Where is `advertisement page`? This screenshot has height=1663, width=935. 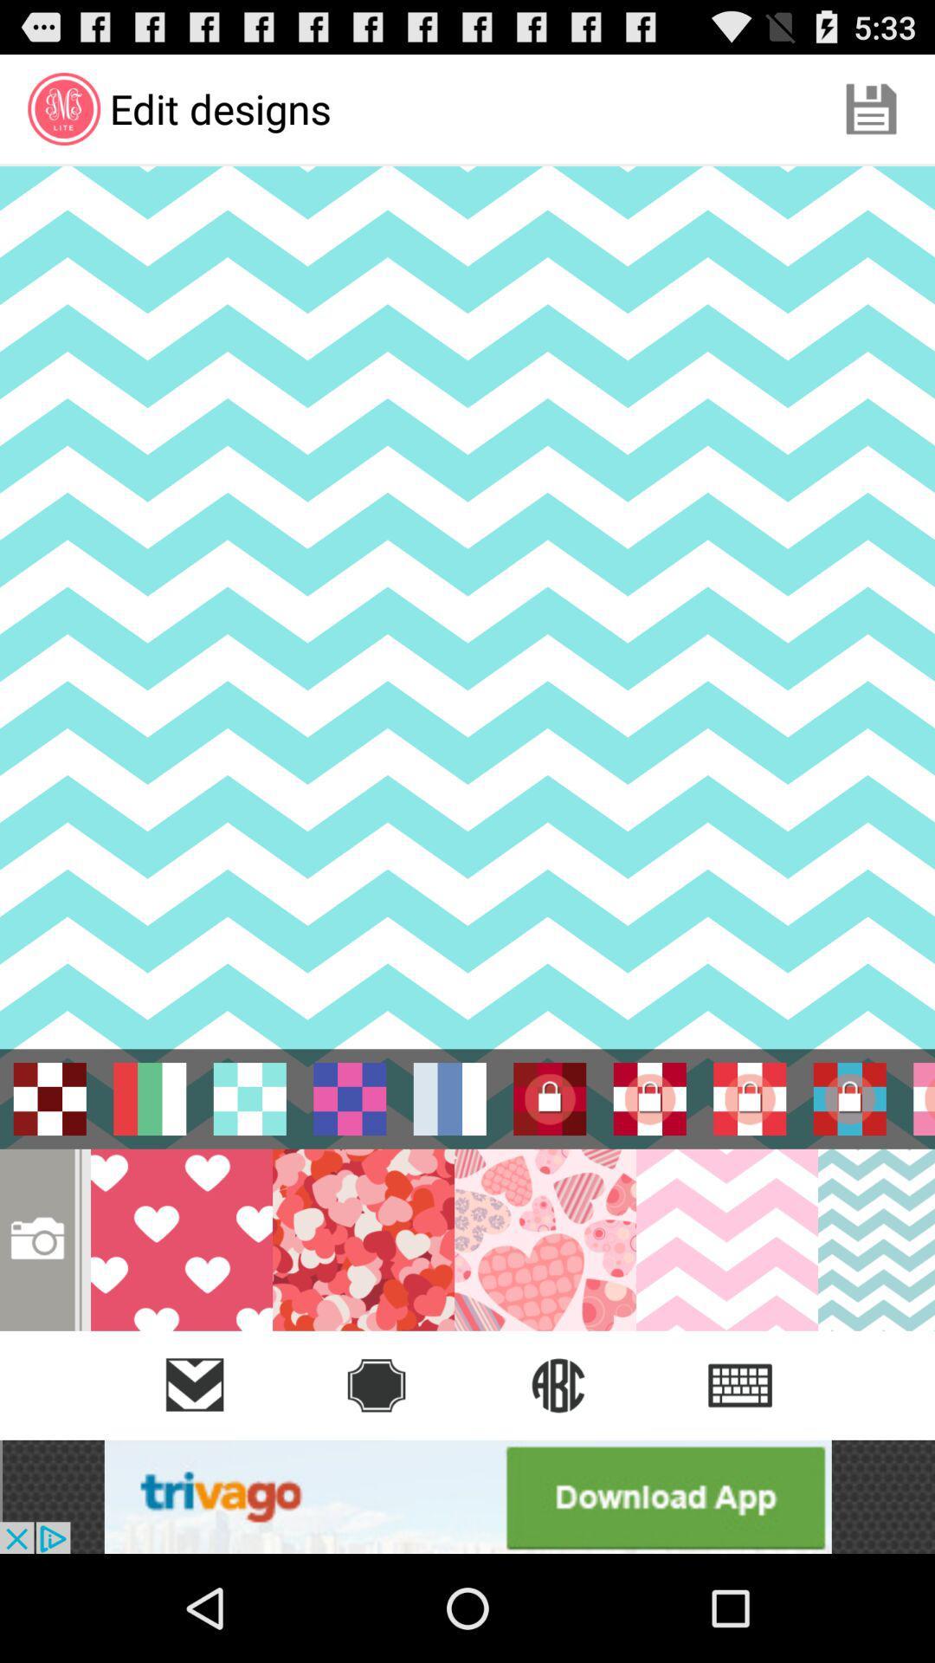
advertisement page is located at coordinates (467, 1496).